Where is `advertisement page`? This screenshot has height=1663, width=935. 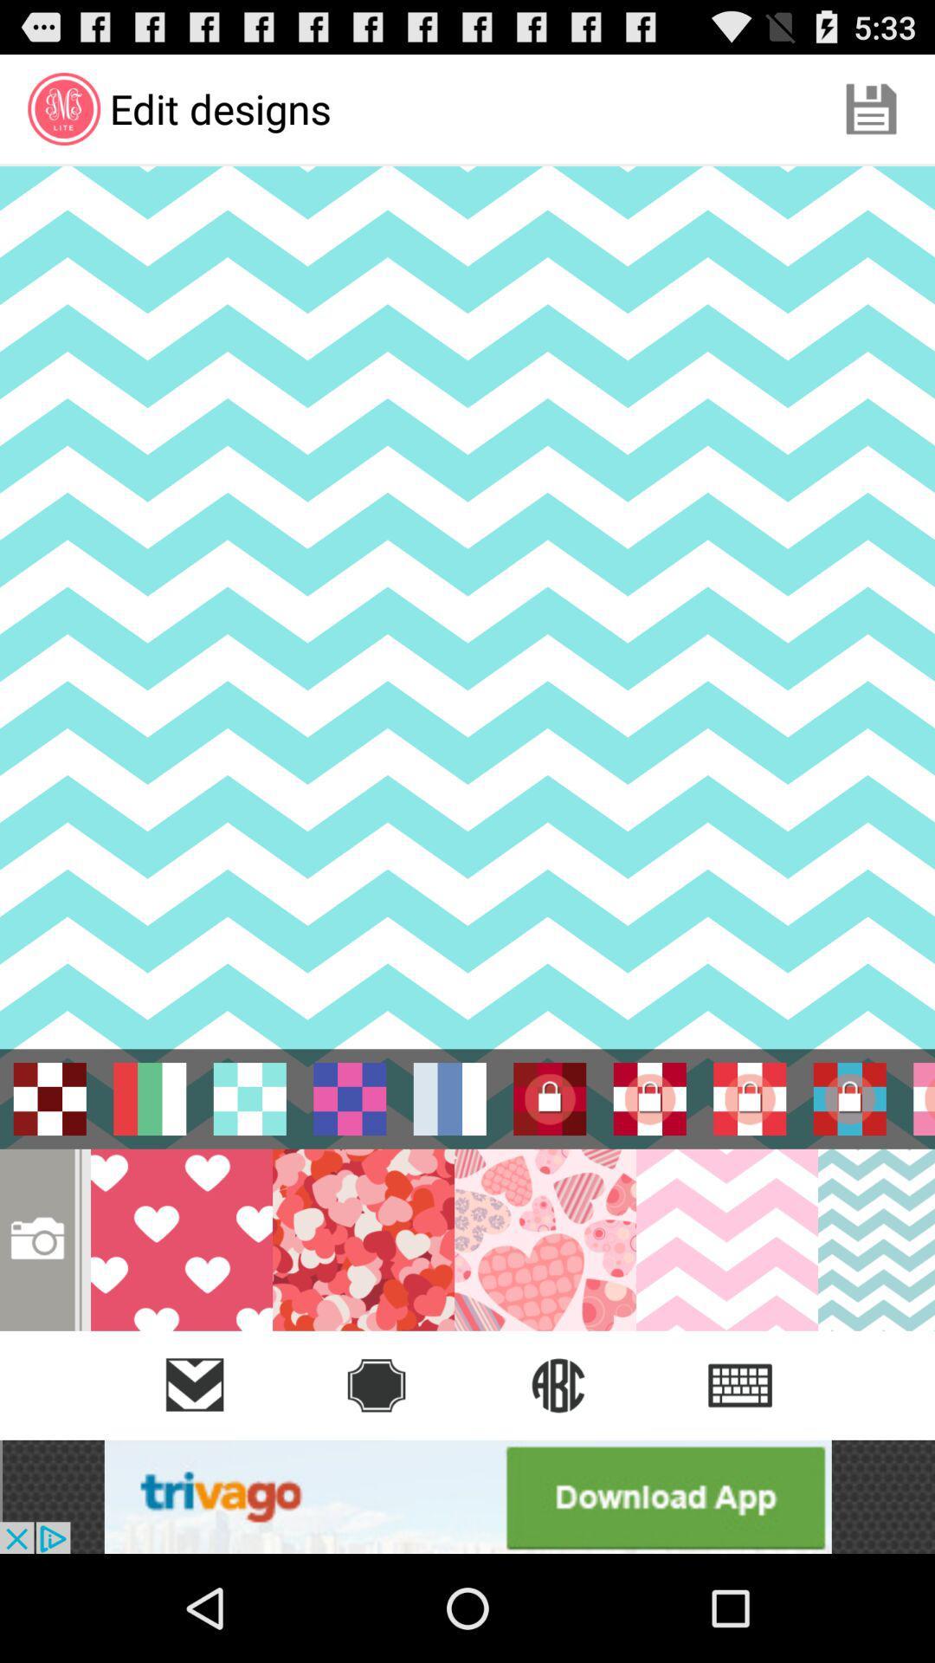
advertisement page is located at coordinates (467, 1496).